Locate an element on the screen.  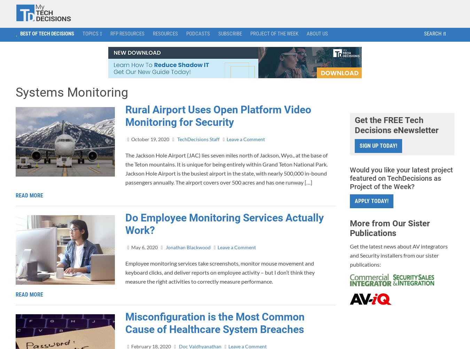
'Jonathan Blackwood' is located at coordinates (187, 246).